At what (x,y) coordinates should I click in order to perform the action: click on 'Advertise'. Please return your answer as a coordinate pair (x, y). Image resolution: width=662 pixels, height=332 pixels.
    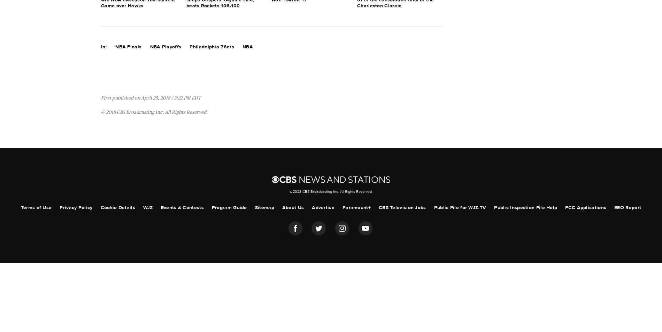
    Looking at the image, I should click on (323, 207).